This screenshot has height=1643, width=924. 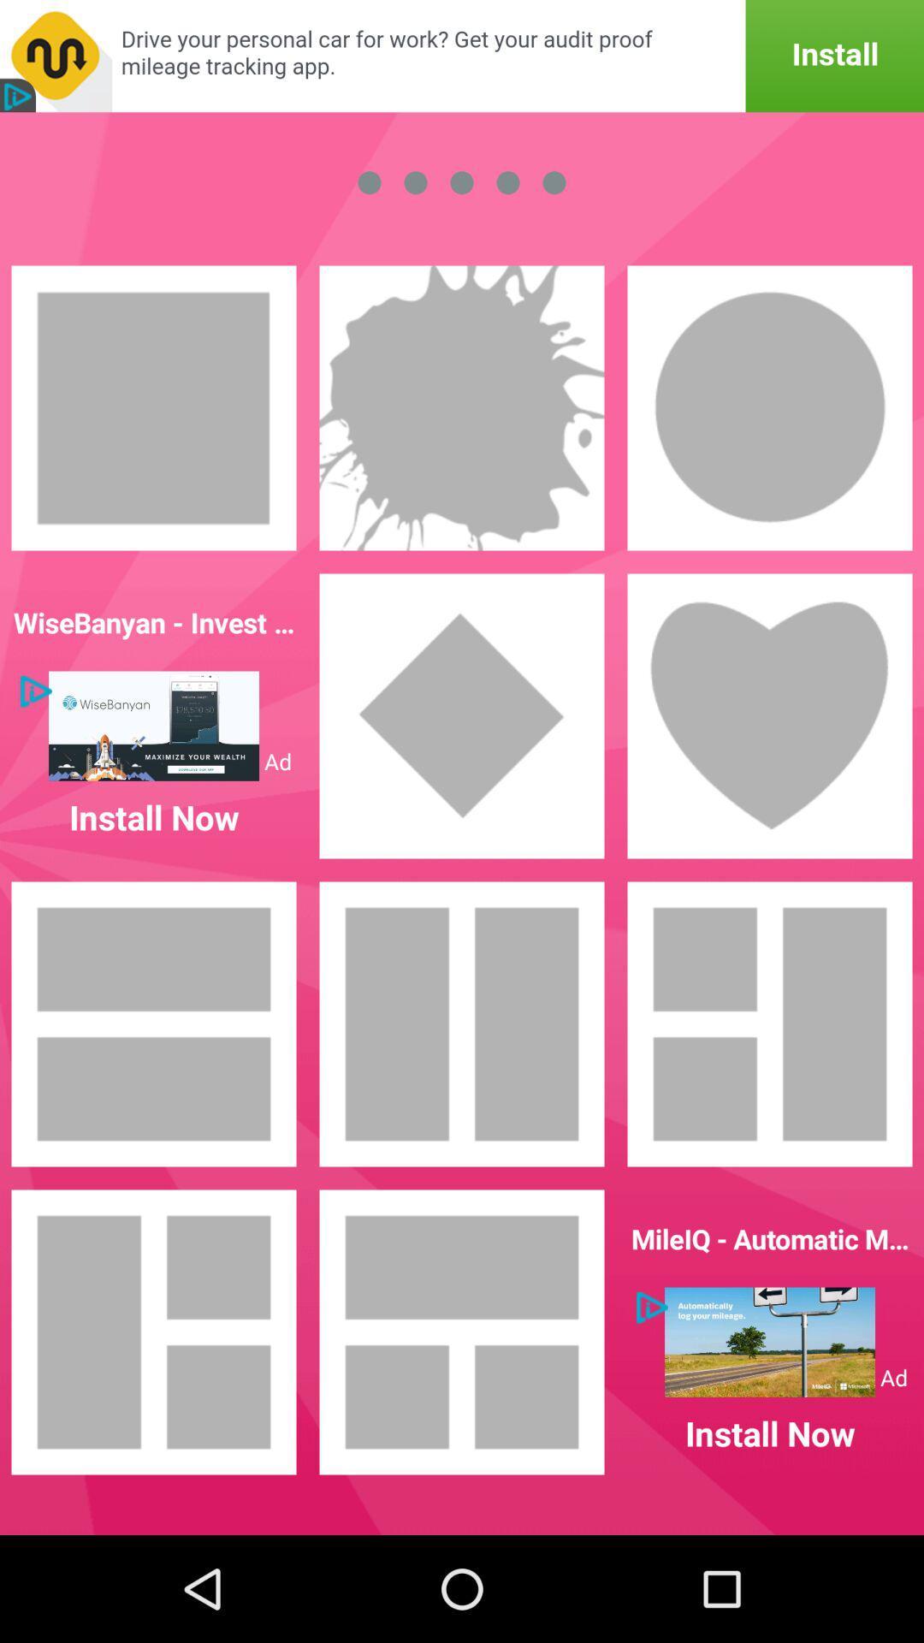 What do you see at coordinates (462, 1023) in the screenshot?
I see `choose layout` at bounding box center [462, 1023].